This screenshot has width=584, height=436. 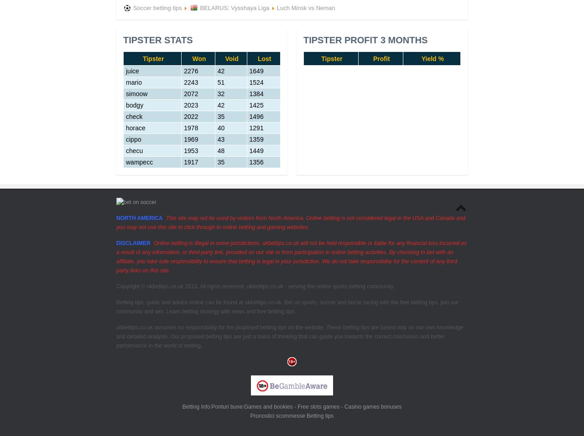 What do you see at coordinates (322, 406) in the screenshot?
I see `'Games and bookies - Free slots games - Casino games bonuses'` at bounding box center [322, 406].